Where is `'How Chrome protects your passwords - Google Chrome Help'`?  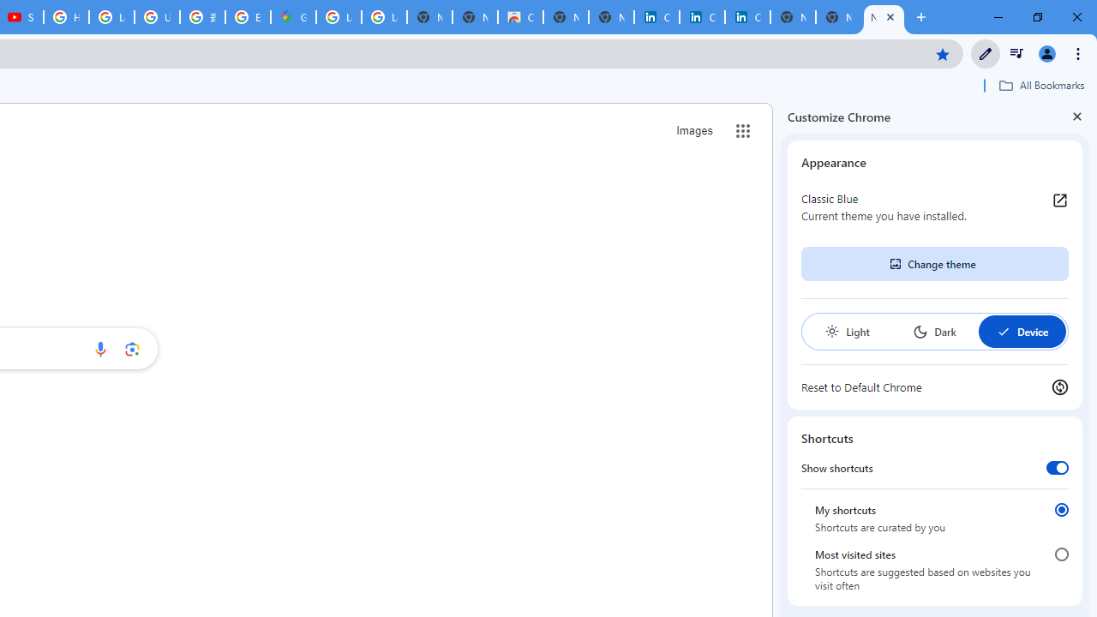
'How Chrome protects your passwords - Google Chrome Help' is located at coordinates (66, 17).